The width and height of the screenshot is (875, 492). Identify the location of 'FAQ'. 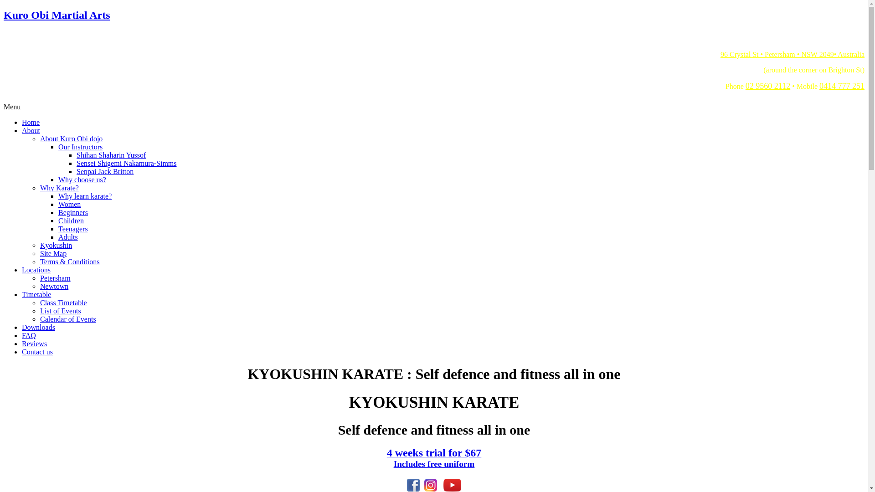
(29, 335).